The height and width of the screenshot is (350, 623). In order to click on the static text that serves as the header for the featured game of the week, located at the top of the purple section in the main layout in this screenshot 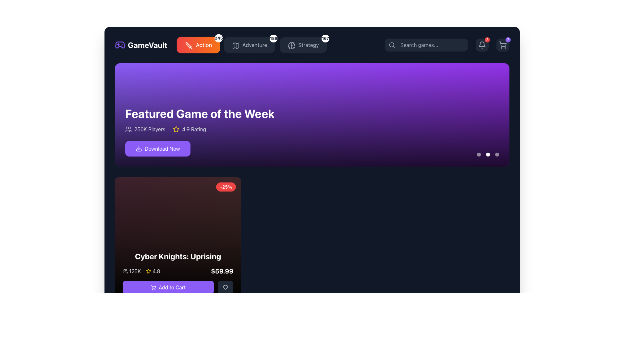, I will do `click(200, 113)`.